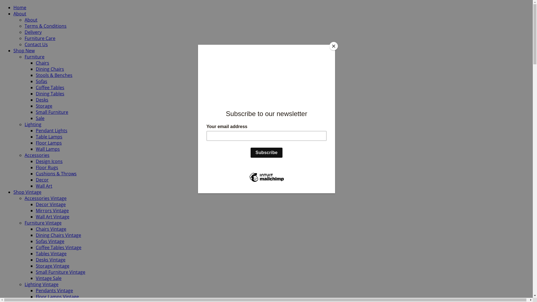 The height and width of the screenshot is (302, 537). Describe the element at coordinates (50, 69) in the screenshot. I see `'Dining Chairs'` at that location.